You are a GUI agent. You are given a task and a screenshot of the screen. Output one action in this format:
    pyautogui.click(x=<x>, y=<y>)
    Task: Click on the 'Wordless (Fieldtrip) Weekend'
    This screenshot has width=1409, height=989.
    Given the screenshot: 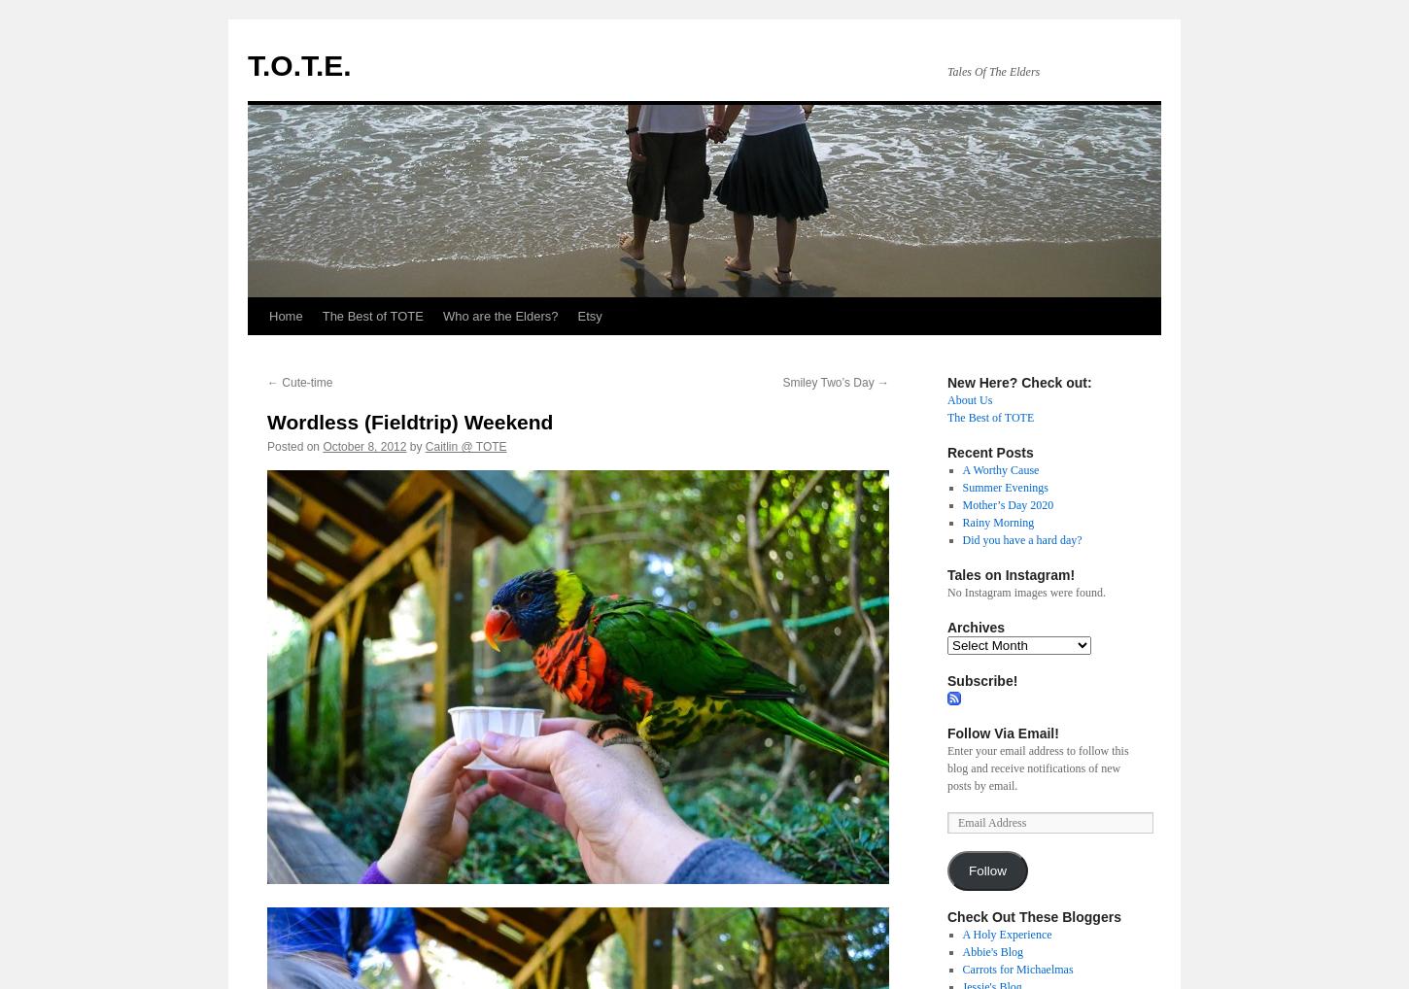 What is the action you would take?
    pyautogui.click(x=408, y=421)
    